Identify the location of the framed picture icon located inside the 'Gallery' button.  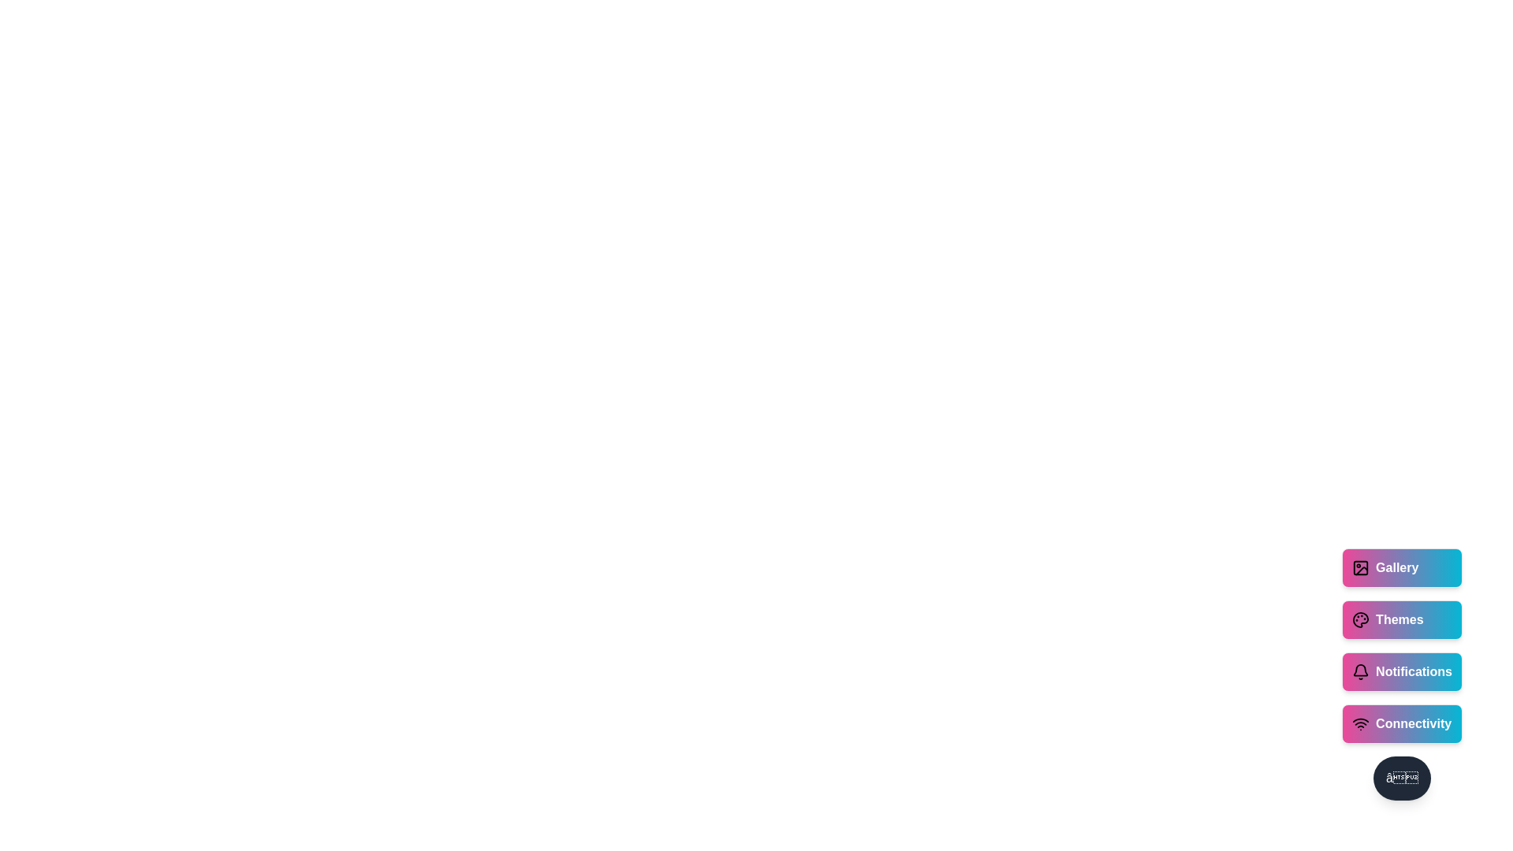
(1360, 568).